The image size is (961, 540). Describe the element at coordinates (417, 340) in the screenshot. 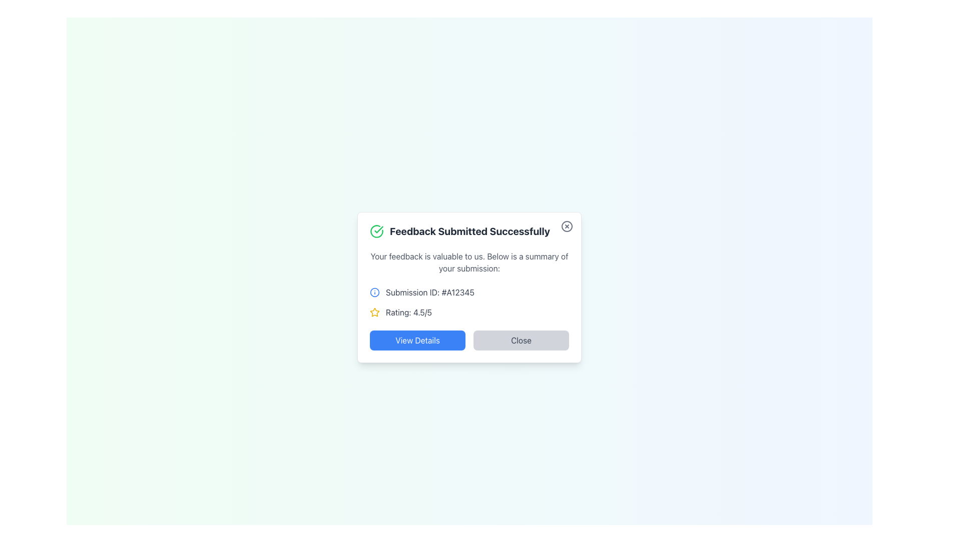

I see `the button for viewing additional details related to feedback submission to trigger a hover effect` at that location.